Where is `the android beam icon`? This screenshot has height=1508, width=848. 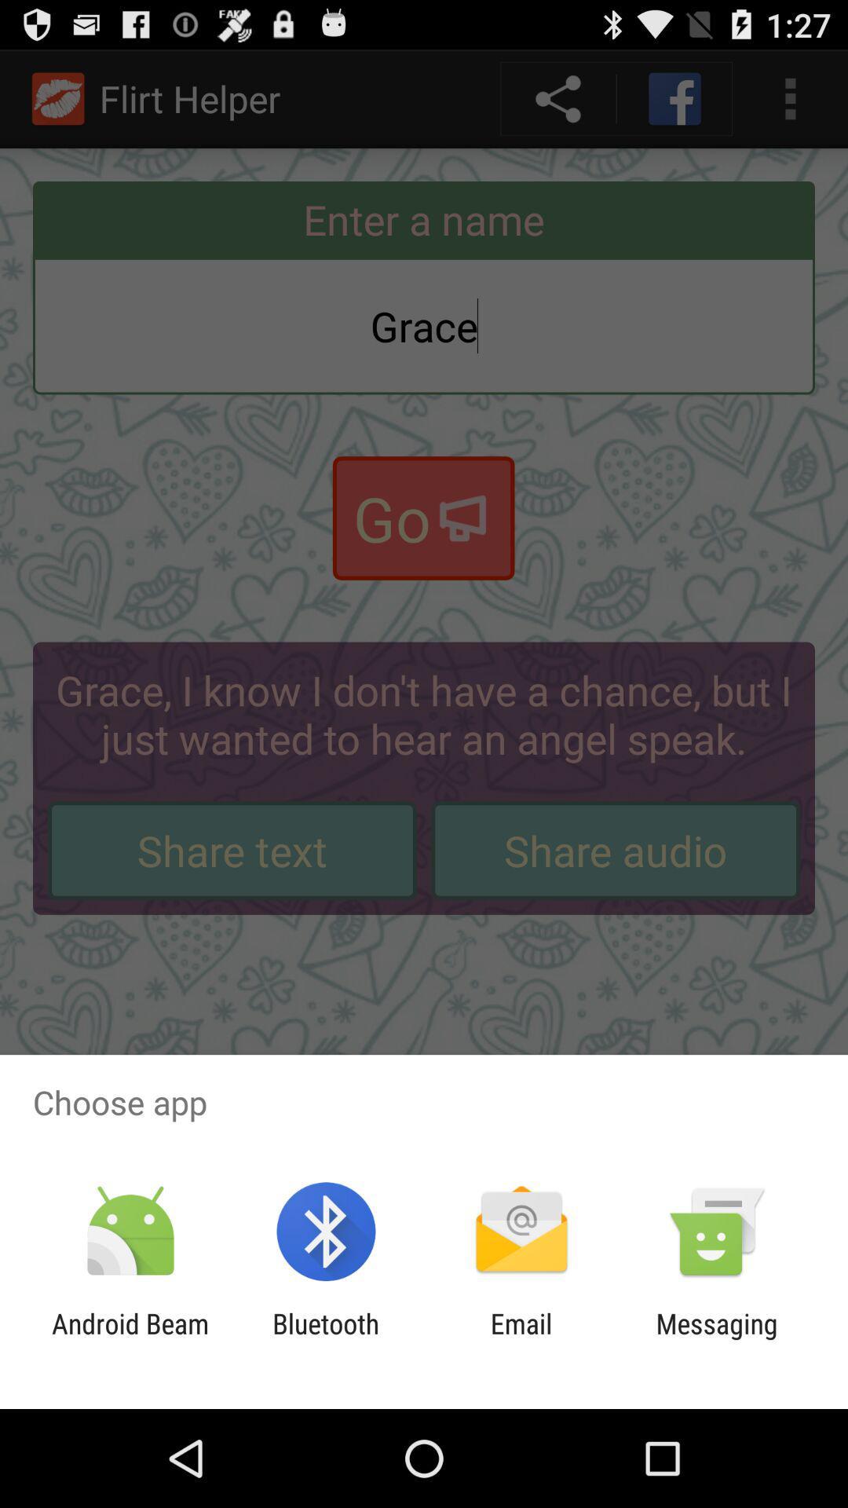 the android beam icon is located at coordinates (130, 1339).